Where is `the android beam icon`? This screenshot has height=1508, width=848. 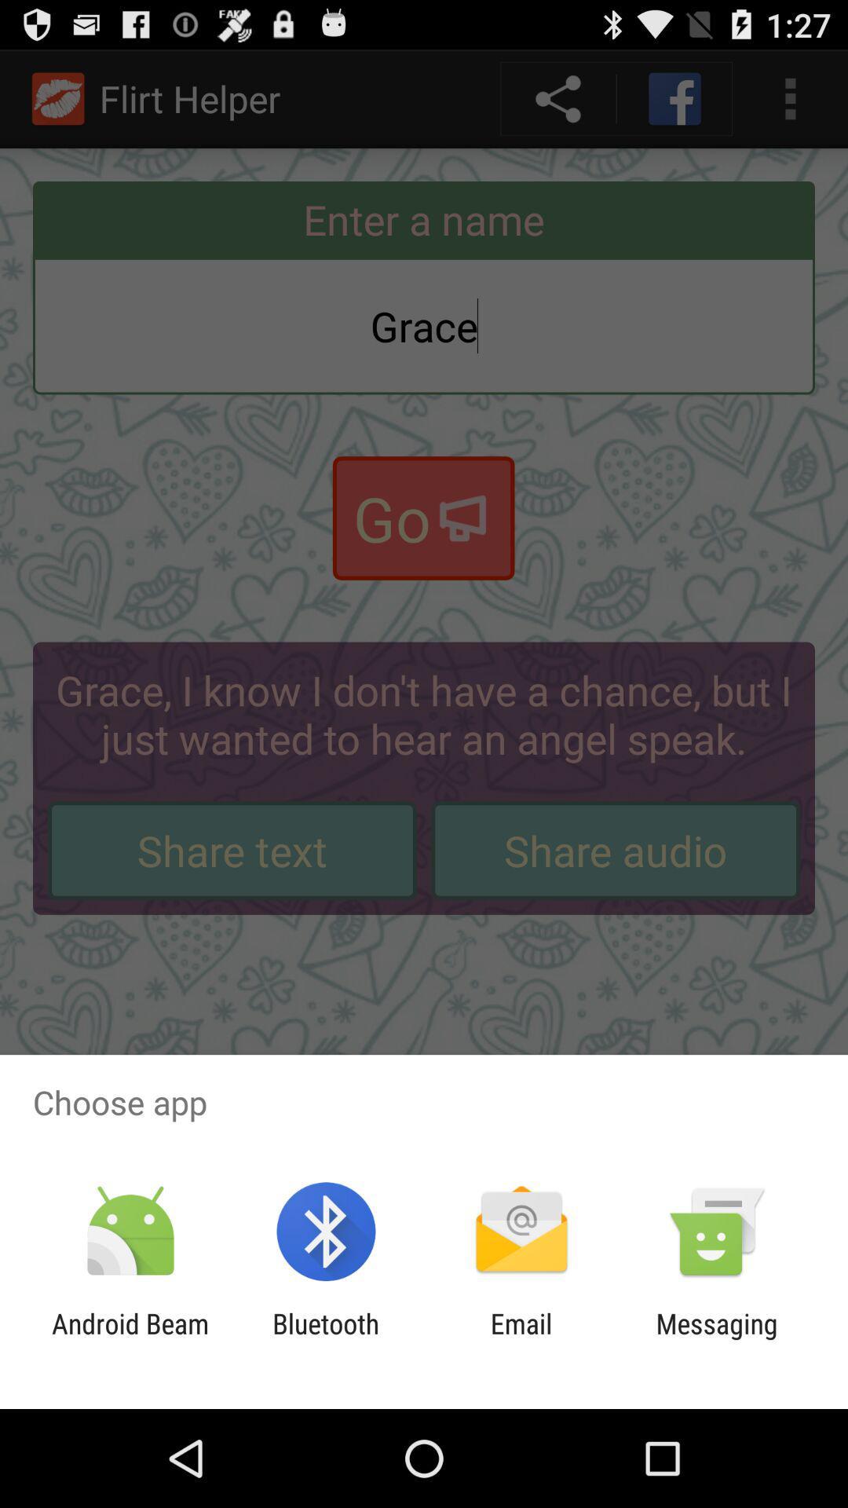 the android beam icon is located at coordinates (130, 1339).